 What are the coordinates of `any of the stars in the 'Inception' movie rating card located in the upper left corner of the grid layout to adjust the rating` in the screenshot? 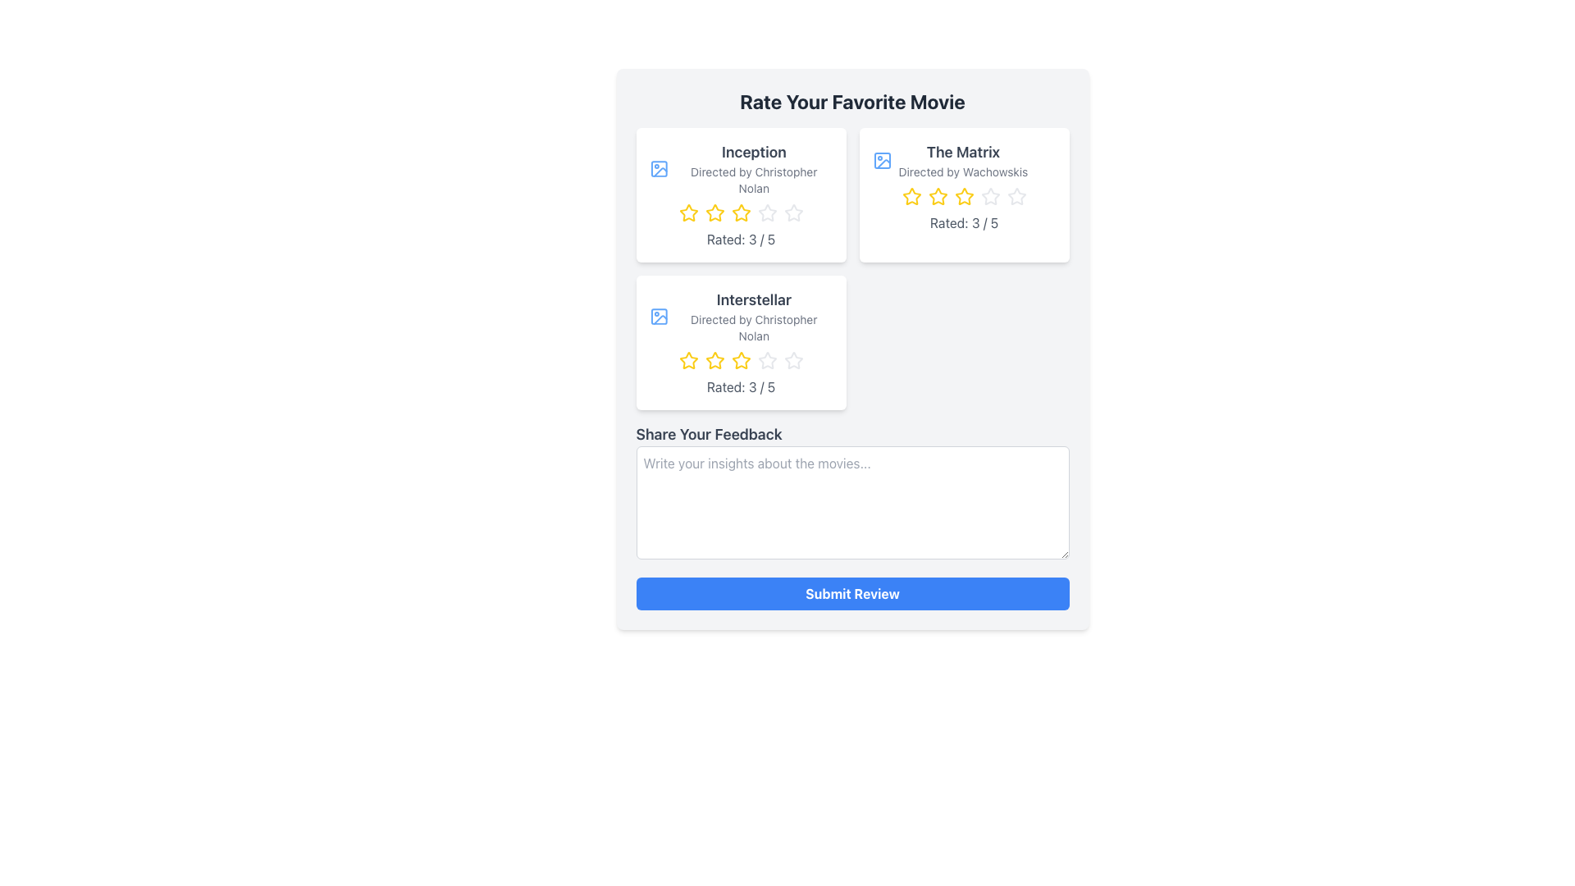 It's located at (740, 194).